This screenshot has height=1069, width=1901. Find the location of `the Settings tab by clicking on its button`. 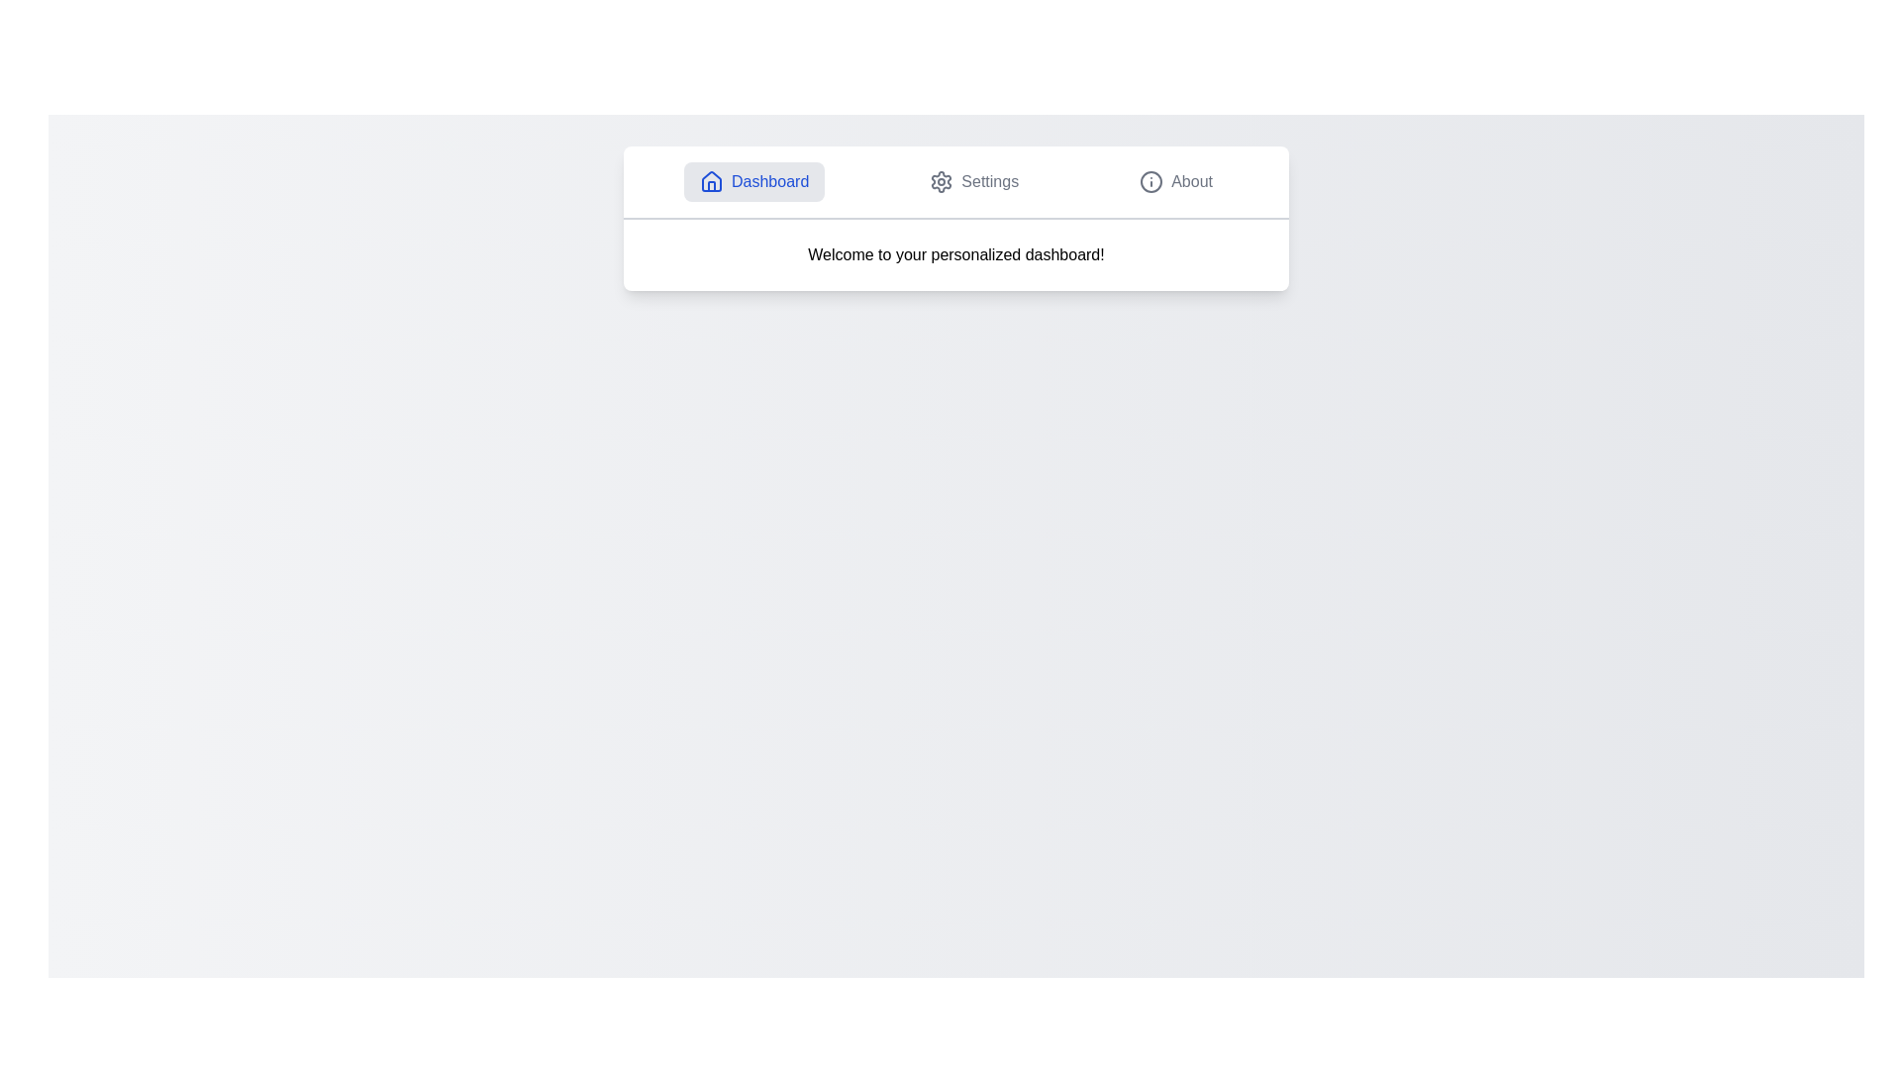

the Settings tab by clicking on its button is located at coordinates (974, 182).